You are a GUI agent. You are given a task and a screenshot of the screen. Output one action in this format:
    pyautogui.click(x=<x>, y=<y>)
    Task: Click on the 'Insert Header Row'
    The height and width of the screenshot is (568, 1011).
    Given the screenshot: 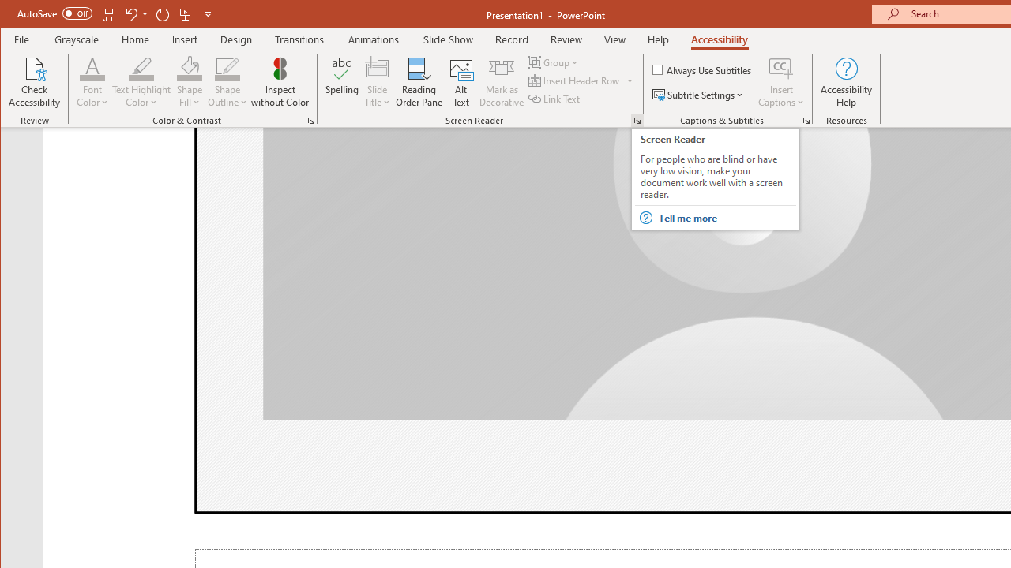 What is the action you would take?
    pyautogui.click(x=581, y=80)
    